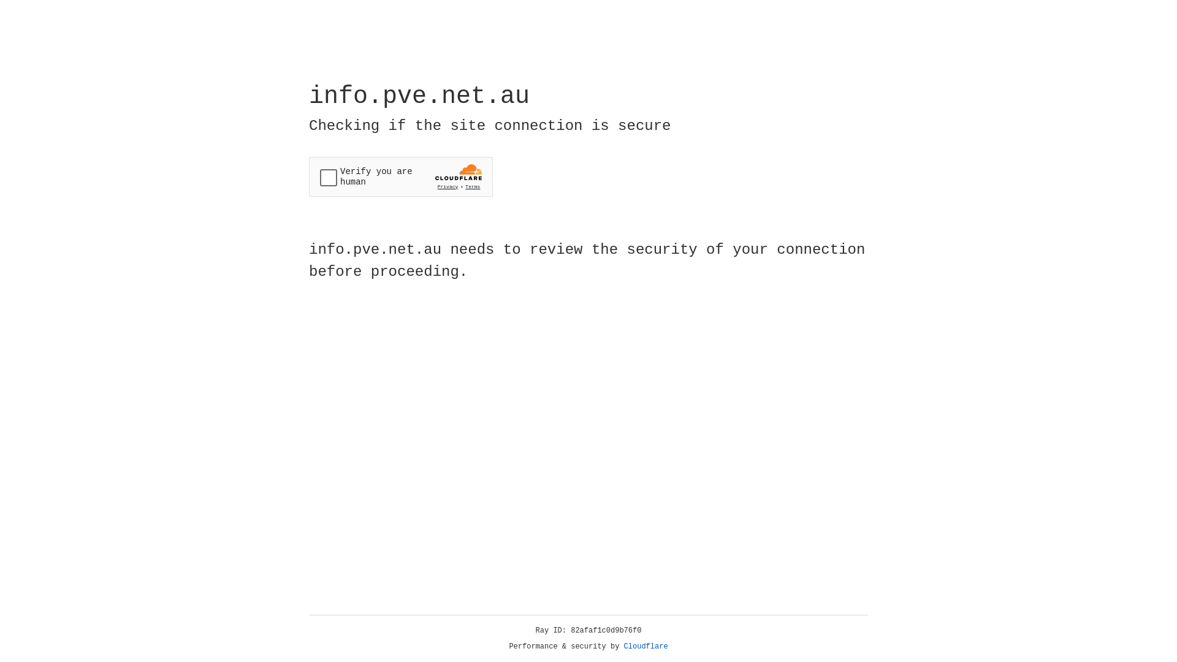 This screenshot has height=662, width=1177. Describe the element at coordinates (400, 177) in the screenshot. I see `'Widget containing a Cloudflare security challenge'` at that location.